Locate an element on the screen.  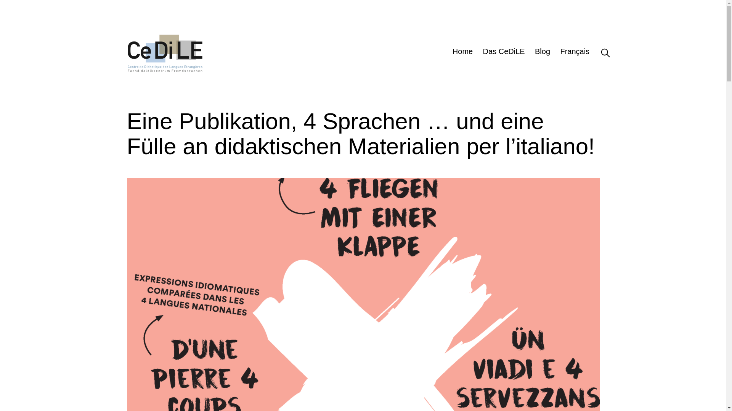
'Home' is located at coordinates (462, 52).